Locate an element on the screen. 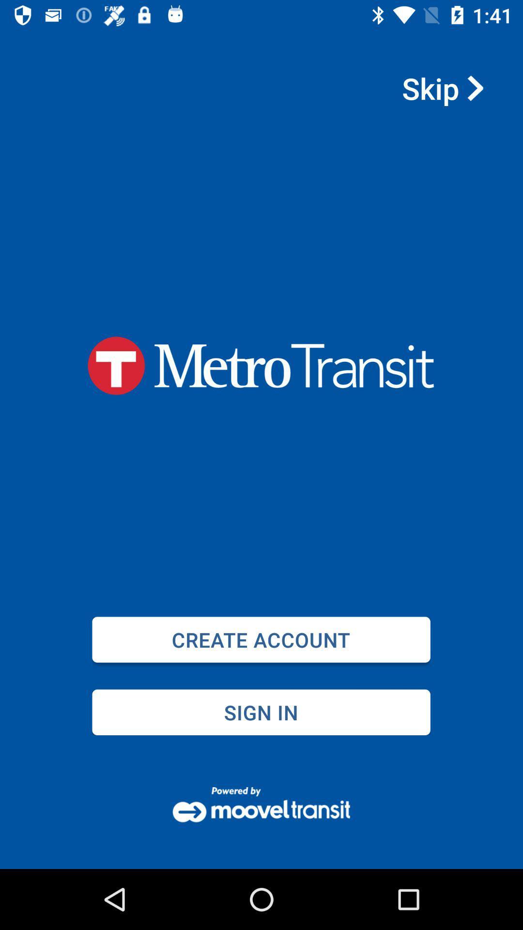  create account is located at coordinates (261, 639).